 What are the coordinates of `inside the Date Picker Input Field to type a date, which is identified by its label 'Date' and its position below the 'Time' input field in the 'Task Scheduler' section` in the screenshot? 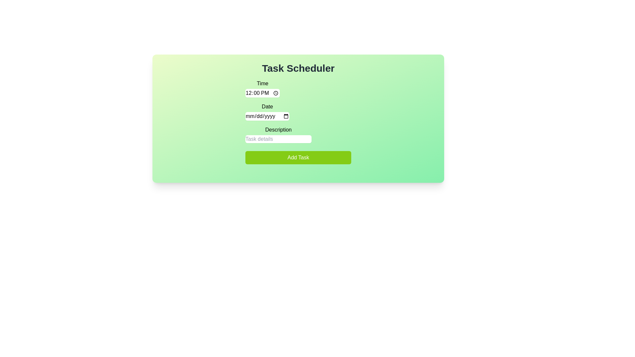 It's located at (267, 111).